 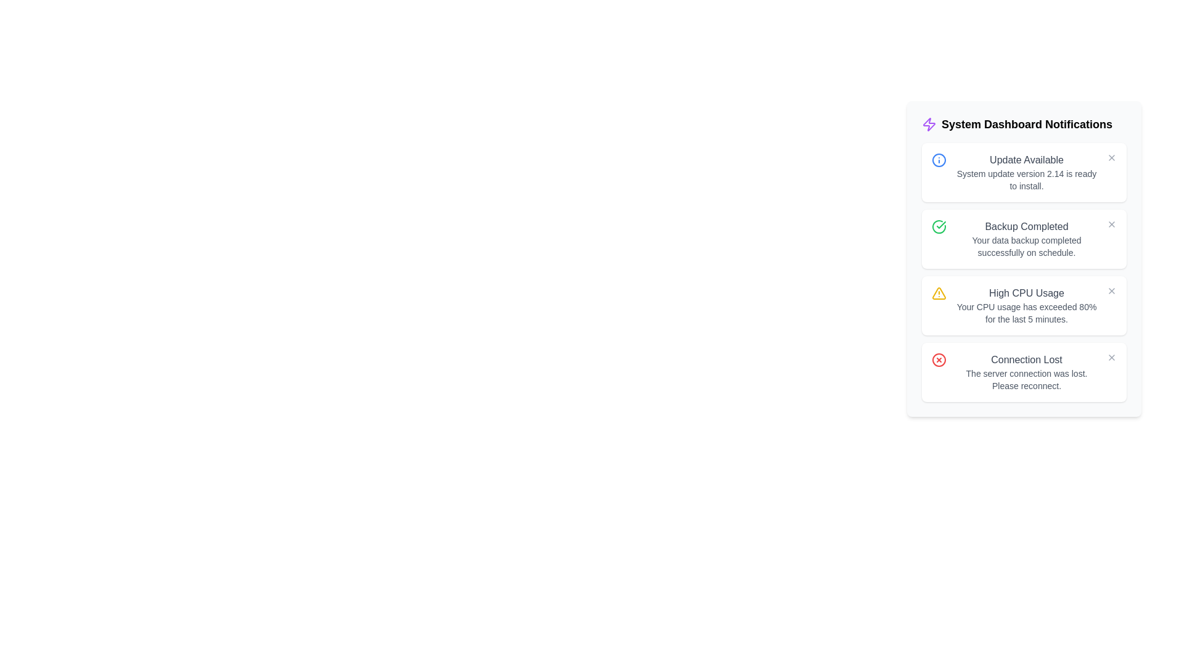 What do you see at coordinates (1027, 226) in the screenshot?
I see `the title text label indicating a successful backup operation in the second notification entry, positioned below a green checkmark icon and above descriptive text` at bounding box center [1027, 226].